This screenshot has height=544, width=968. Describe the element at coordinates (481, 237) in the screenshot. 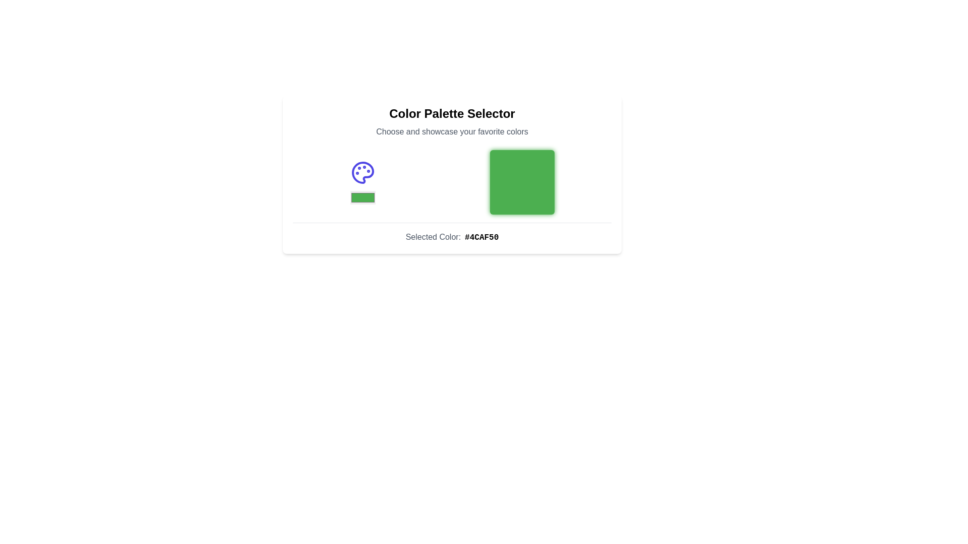

I see `text label displaying '#4CAF50' that is adjacent to 'Selected Color:' in the lower section of the interface` at that location.